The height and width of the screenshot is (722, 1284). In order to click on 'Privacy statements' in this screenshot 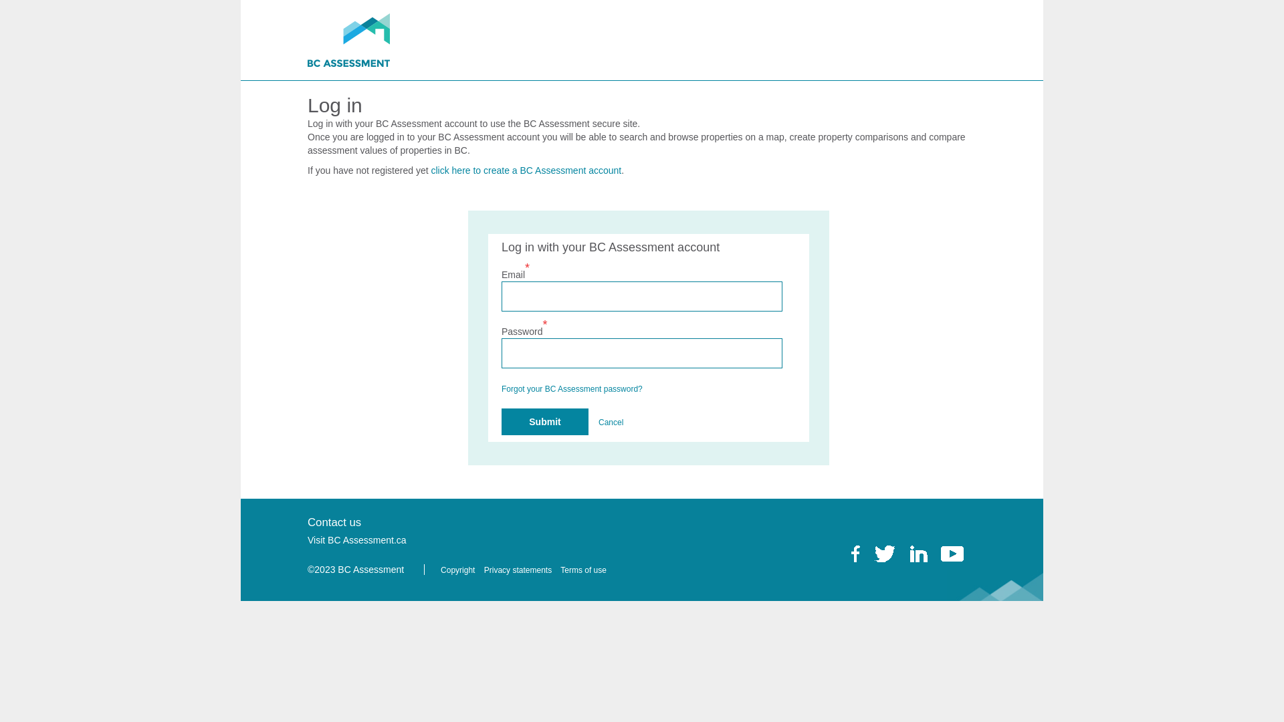, I will do `click(520, 570)`.